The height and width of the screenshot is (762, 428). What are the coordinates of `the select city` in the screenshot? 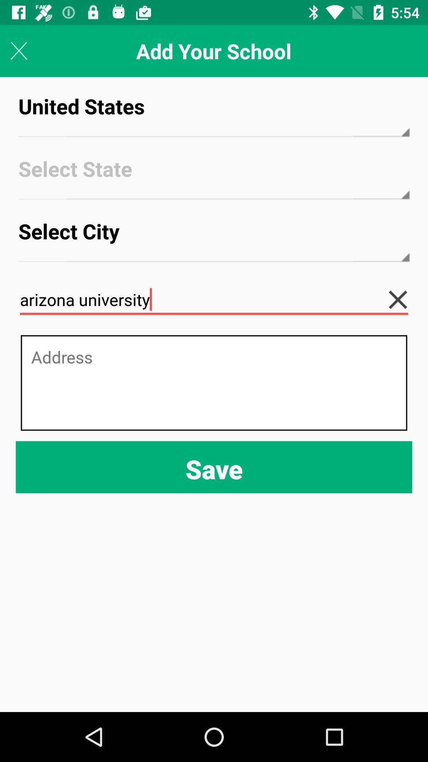 It's located at (214, 238).